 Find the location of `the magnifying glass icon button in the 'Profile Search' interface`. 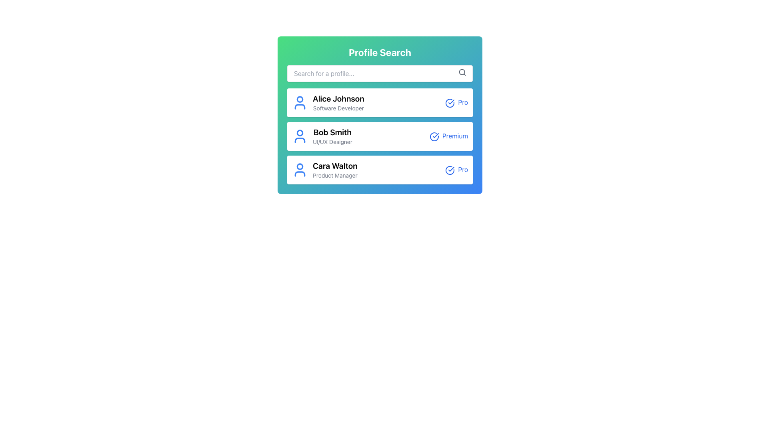

the magnifying glass icon button in the 'Profile Search' interface is located at coordinates (462, 72).